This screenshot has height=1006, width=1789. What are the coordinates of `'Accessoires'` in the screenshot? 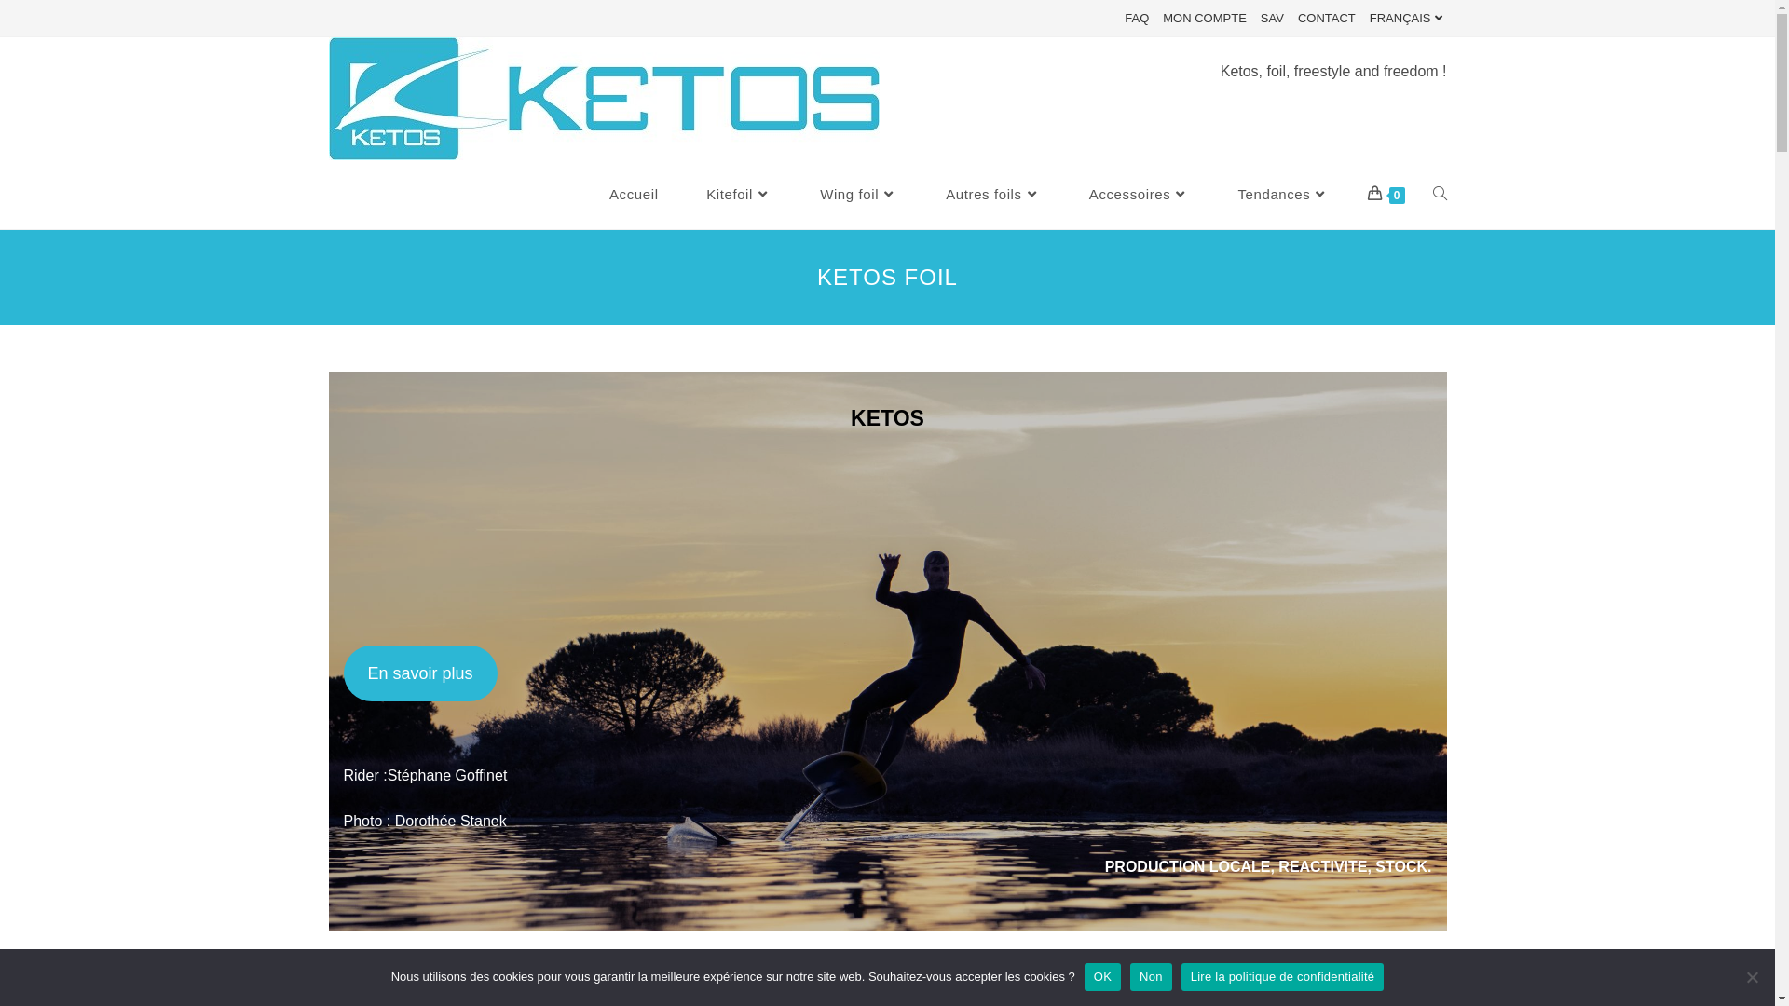 It's located at (1064, 194).